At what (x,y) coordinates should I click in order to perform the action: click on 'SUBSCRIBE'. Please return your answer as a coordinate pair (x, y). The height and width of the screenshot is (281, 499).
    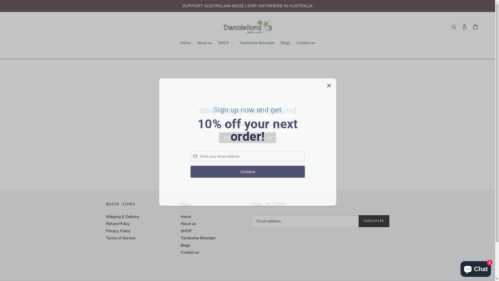
    Looking at the image, I should click on (374, 221).